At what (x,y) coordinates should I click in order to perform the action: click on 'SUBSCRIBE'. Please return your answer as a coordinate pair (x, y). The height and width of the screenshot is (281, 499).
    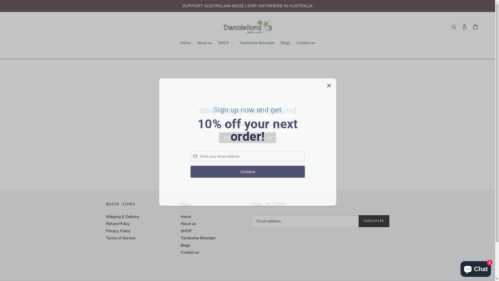
    Looking at the image, I should click on (374, 221).